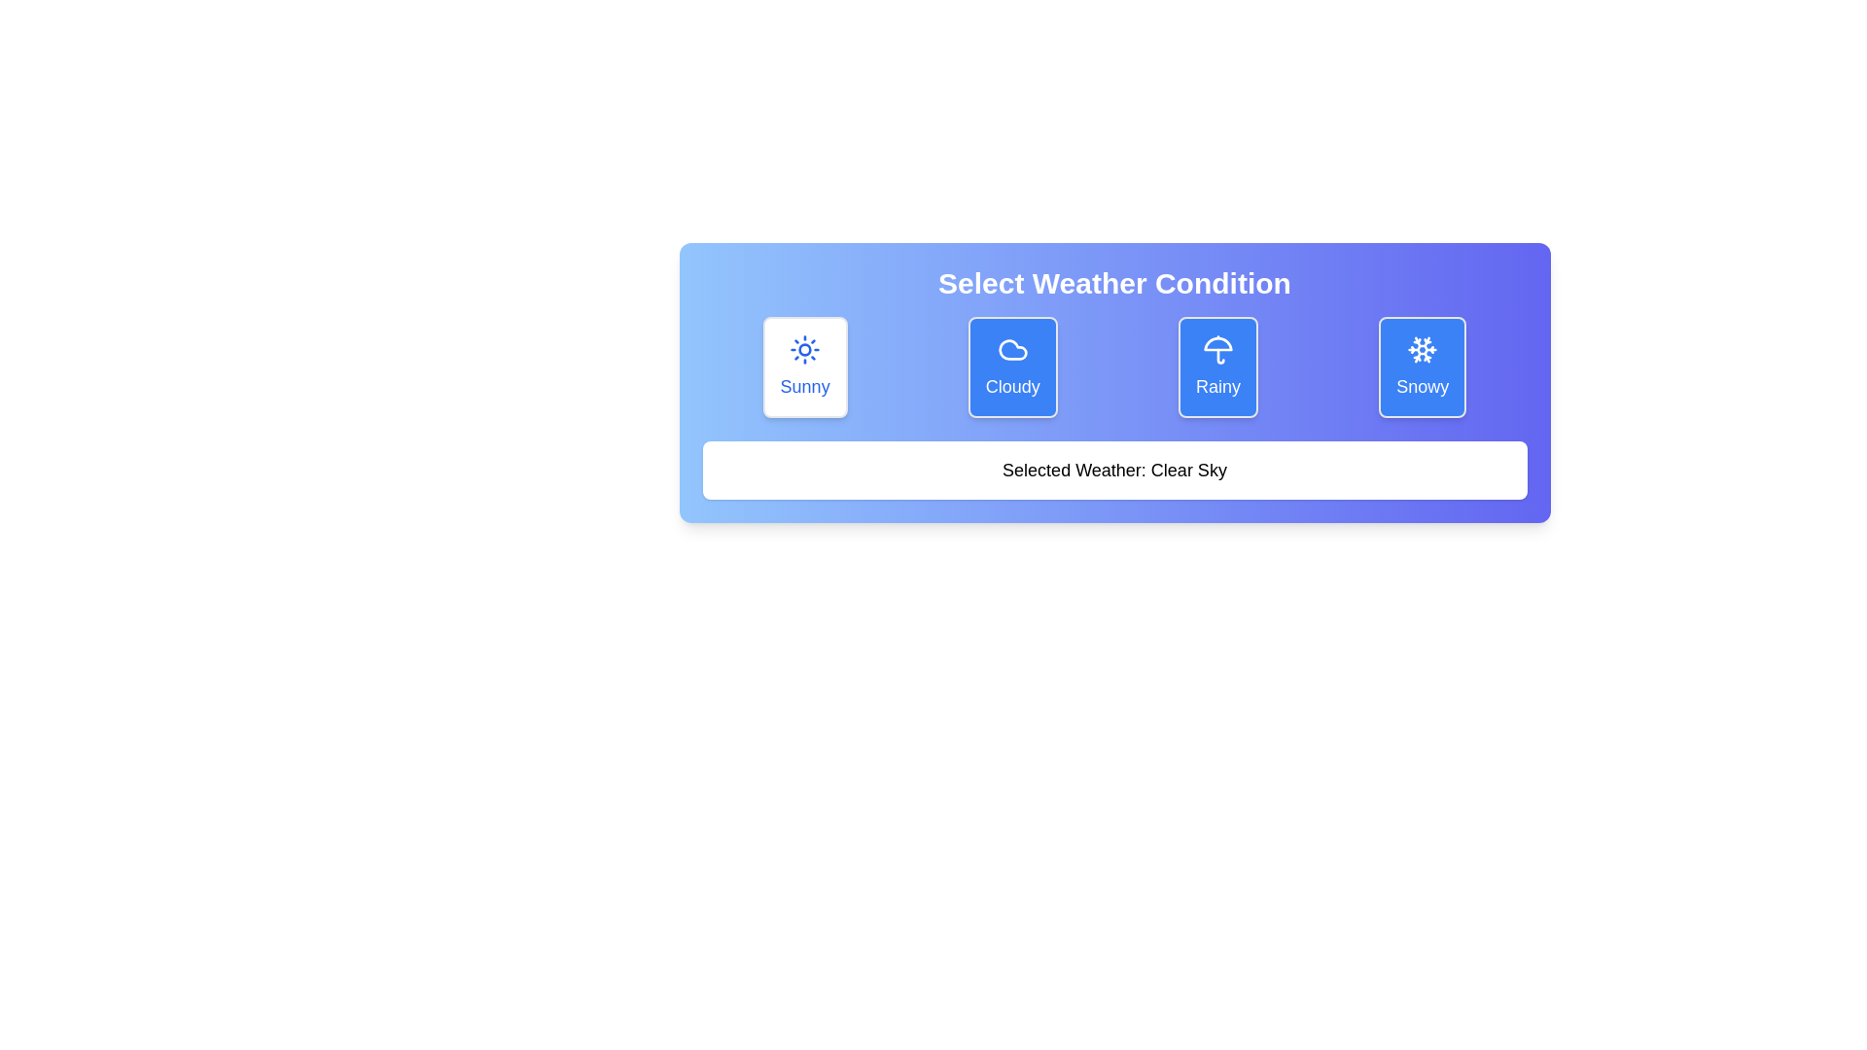 Image resolution: width=1867 pixels, height=1050 pixels. I want to click on the text label displaying 'Cloudy', so click(1011, 386).